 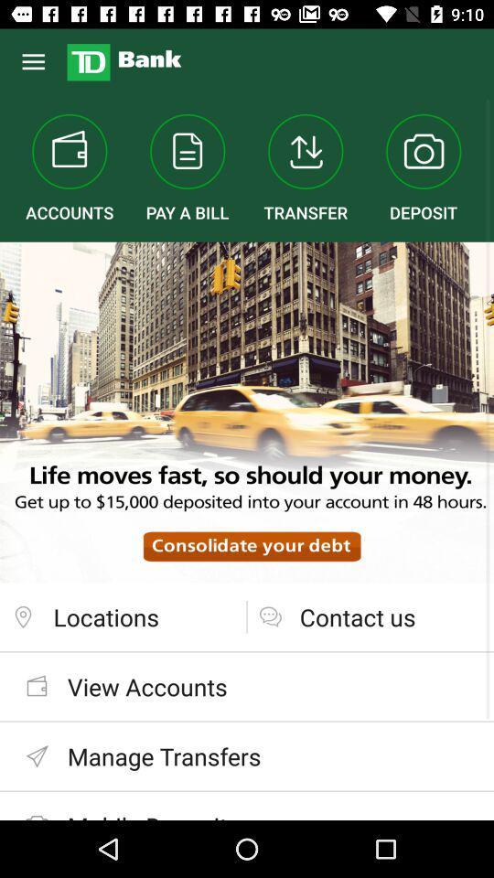 What do you see at coordinates (247, 685) in the screenshot?
I see `the icon below locations` at bounding box center [247, 685].